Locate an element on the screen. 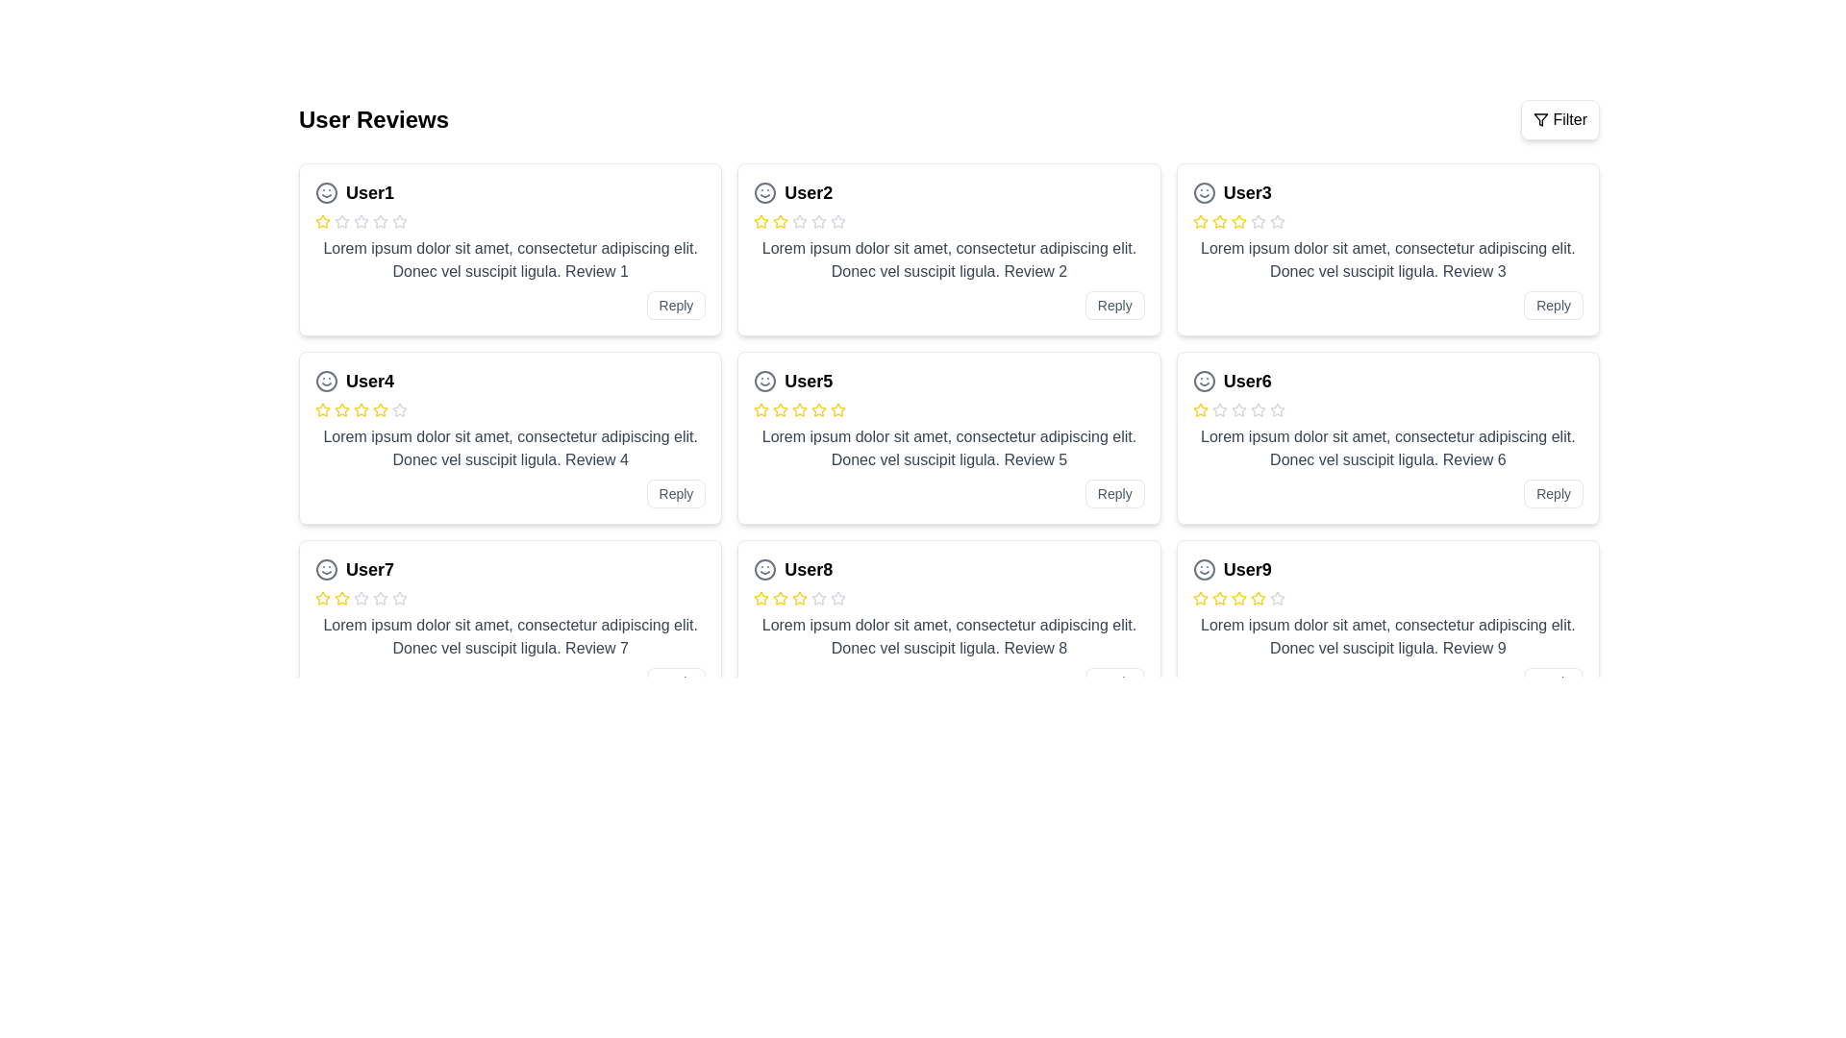 Image resolution: width=1846 pixels, height=1038 pixels. 'User Reviews' text label displayed in bold and large font located in the upper-left section of the interface is located at coordinates (373, 119).